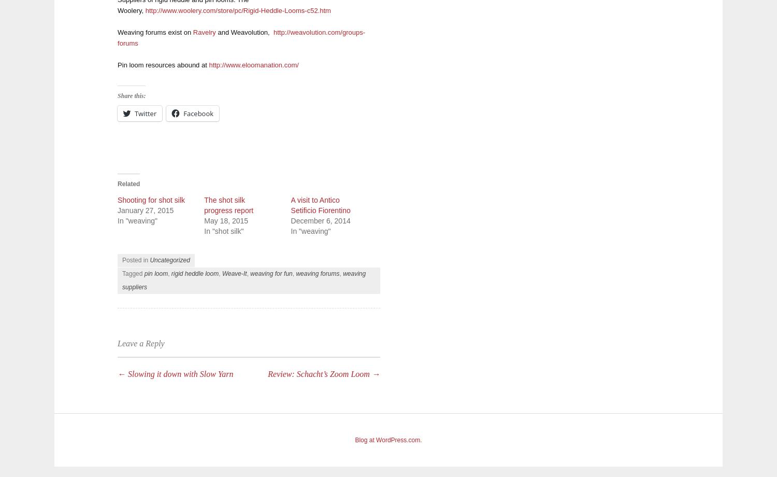  What do you see at coordinates (253, 64) in the screenshot?
I see `'http://www.eloomanation.com/'` at bounding box center [253, 64].